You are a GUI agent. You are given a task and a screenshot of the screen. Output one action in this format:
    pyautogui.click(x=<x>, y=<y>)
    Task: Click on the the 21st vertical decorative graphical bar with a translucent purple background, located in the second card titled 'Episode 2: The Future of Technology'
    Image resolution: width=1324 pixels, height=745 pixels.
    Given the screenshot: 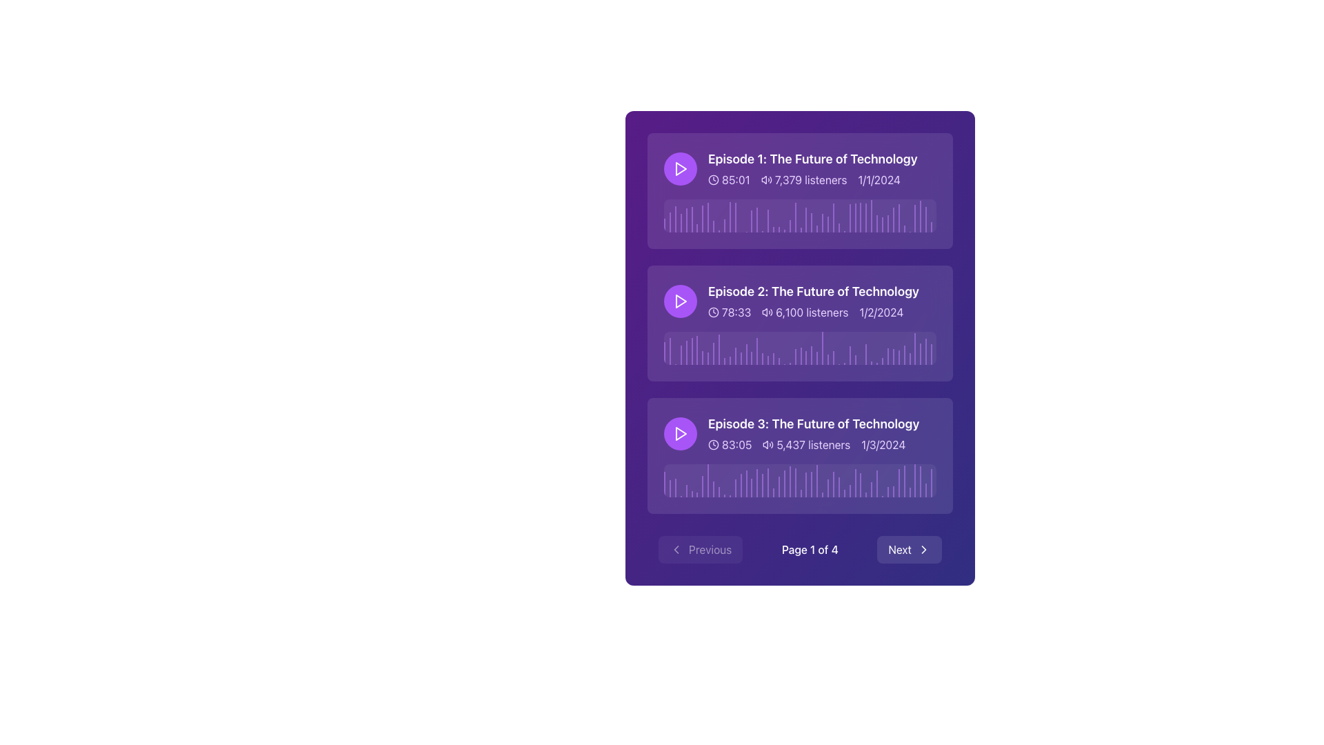 What is the action you would take?
    pyautogui.click(x=774, y=358)
    